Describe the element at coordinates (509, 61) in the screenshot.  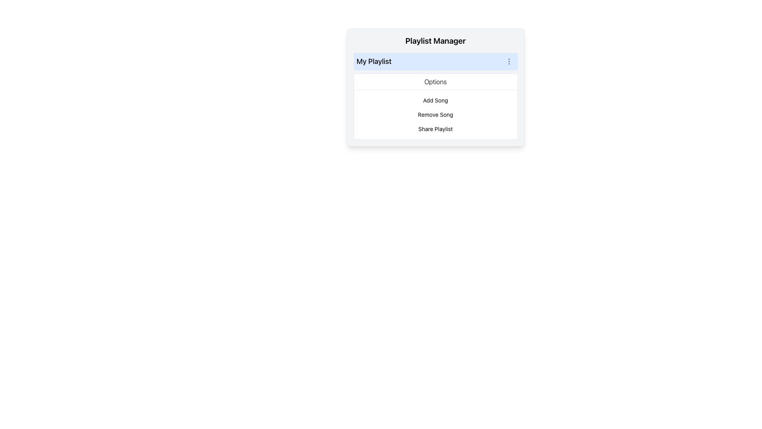
I see `the vertical ellipsis icon located at the top-right edge of the highlighted row labeled 'My Playlist' in the Playlist Manager interface` at that location.